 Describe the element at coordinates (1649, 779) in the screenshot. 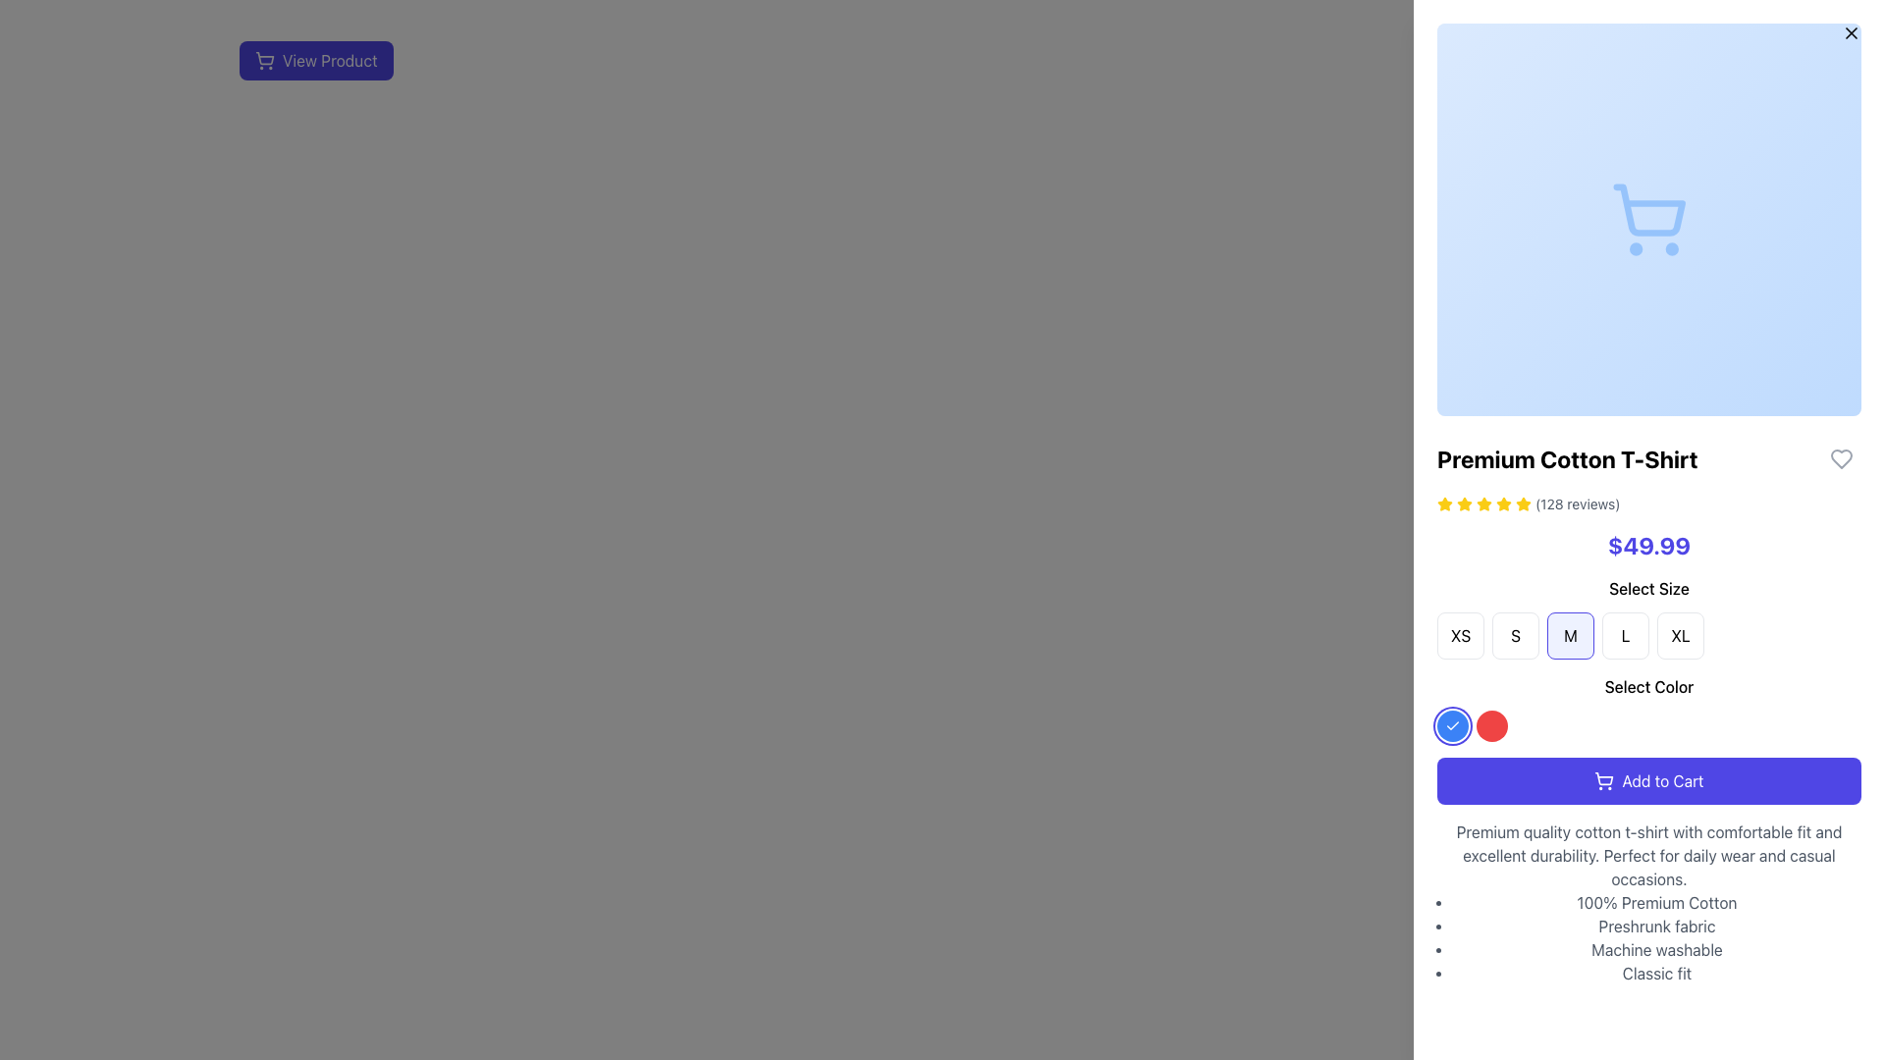

I see `the 'Add to Cart' button located at the bottom of the product details section in the sidebar` at that location.